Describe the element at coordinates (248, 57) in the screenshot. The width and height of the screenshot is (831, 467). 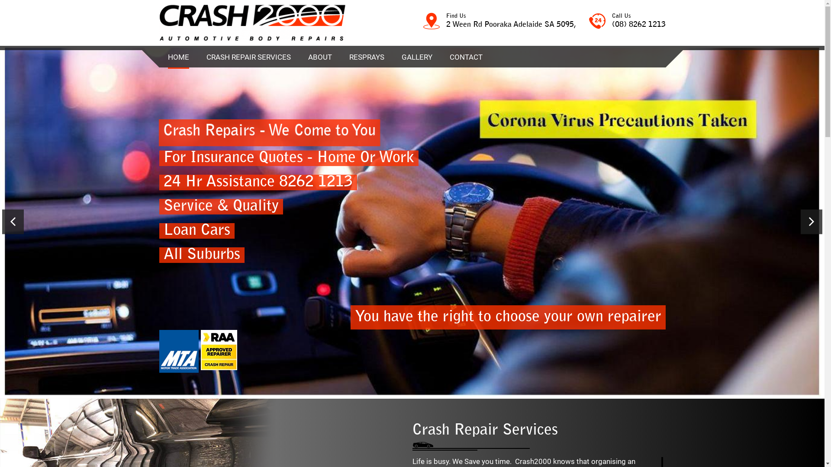
I see `'CRASH REPAIR SERVICES'` at that location.